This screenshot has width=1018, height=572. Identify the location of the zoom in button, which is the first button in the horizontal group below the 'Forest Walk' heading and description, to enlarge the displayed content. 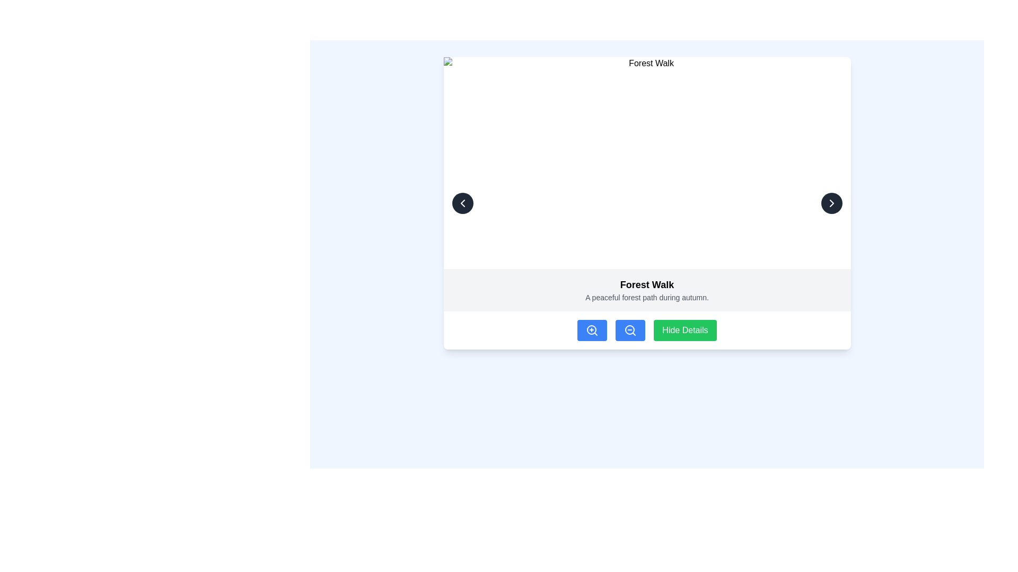
(592, 330).